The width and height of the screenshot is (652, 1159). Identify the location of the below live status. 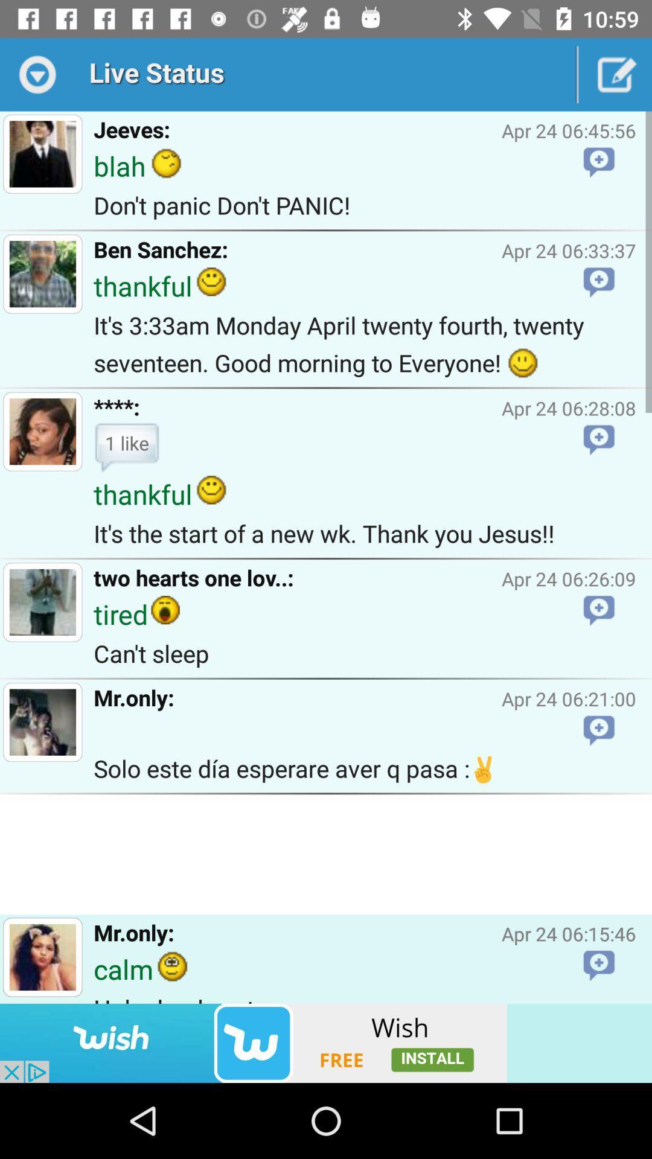
(42, 153).